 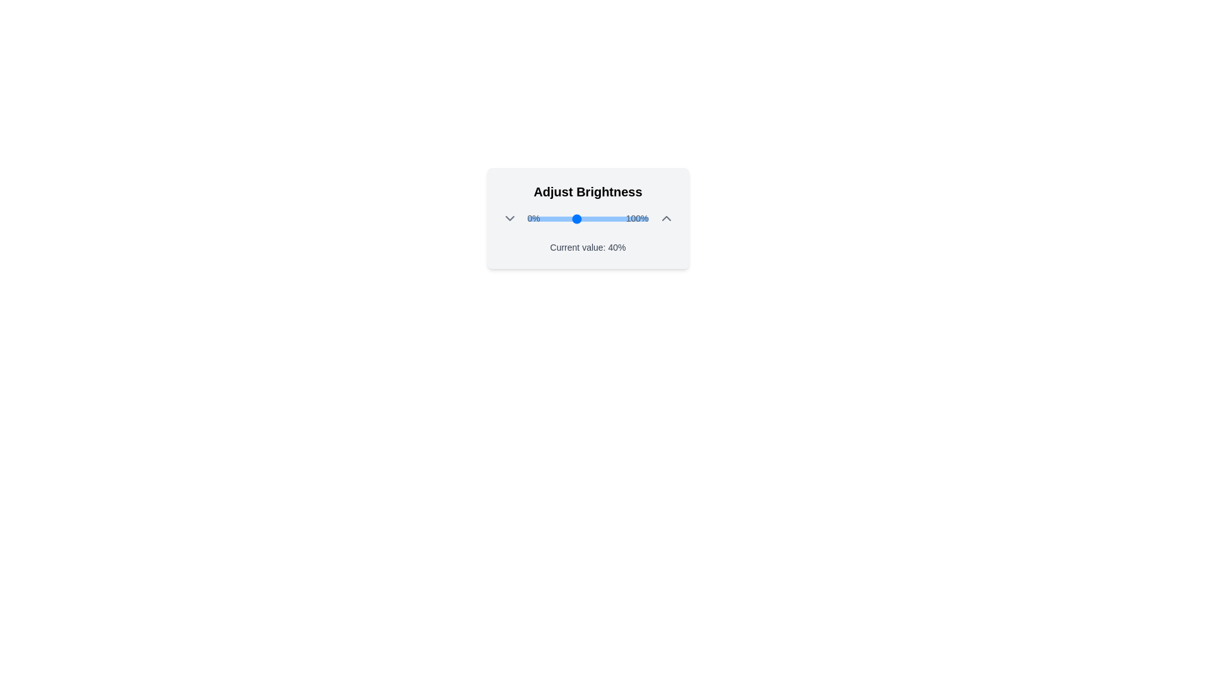 What do you see at coordinates (537, 218) in the screenshot?
I see `brightness` at bounding box center [537, 218].